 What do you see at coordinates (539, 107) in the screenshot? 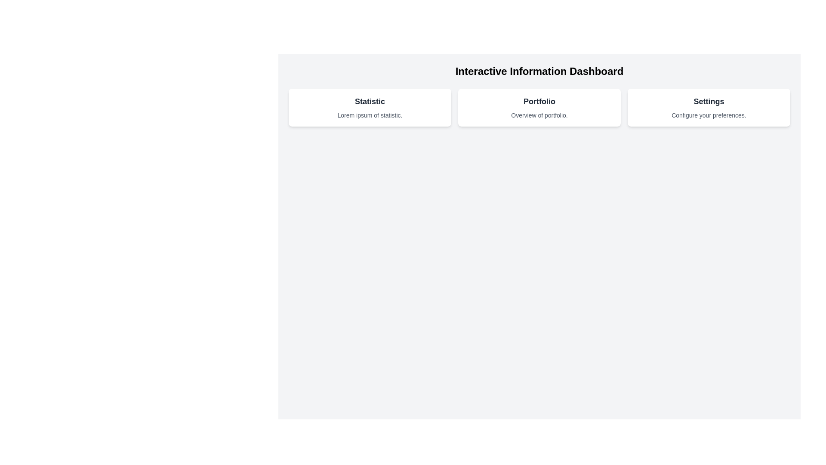
I see `the Portfolio card to view its details or activate its functionality` at bounding box center [539, 107].